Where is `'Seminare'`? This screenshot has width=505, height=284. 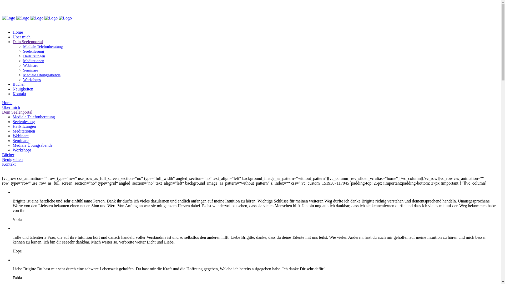
'Seminare' is located at coordinates (30, 70).